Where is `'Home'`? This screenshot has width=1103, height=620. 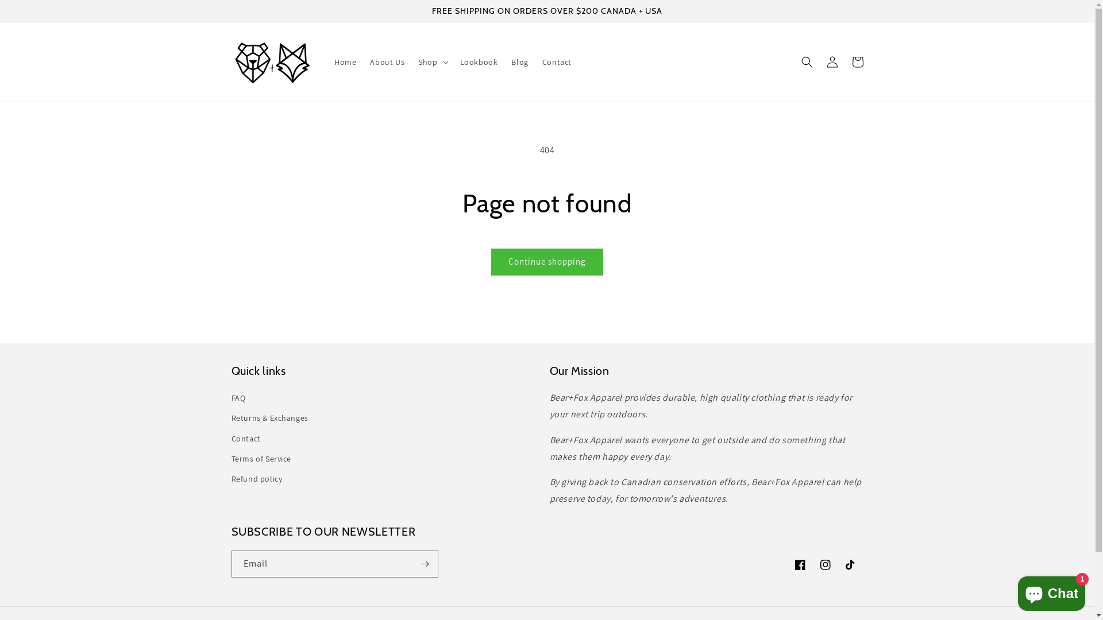 'Home' is located at coordinates (327, 62).